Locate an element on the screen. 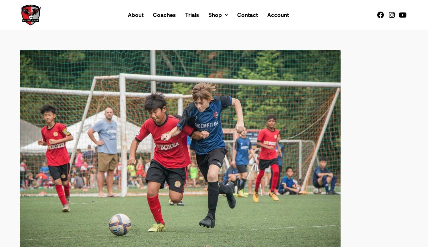  'About' is located at coordinates (135, 14).